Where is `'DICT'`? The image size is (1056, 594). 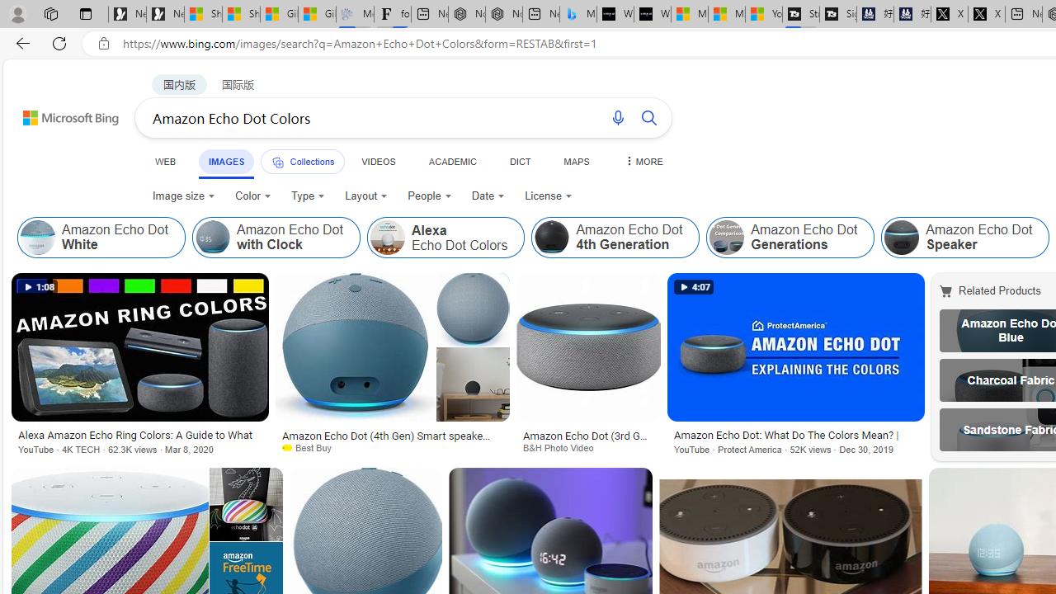 'DICT' is located at coordinates (519, 161).